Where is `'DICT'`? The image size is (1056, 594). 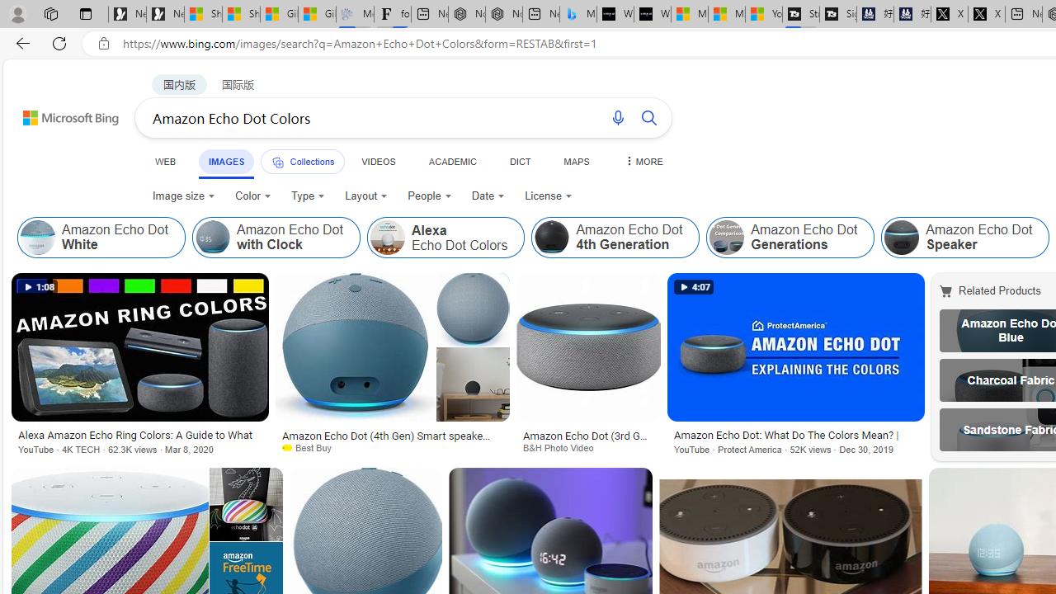 'DICT' is located at coordinates (519, 161).